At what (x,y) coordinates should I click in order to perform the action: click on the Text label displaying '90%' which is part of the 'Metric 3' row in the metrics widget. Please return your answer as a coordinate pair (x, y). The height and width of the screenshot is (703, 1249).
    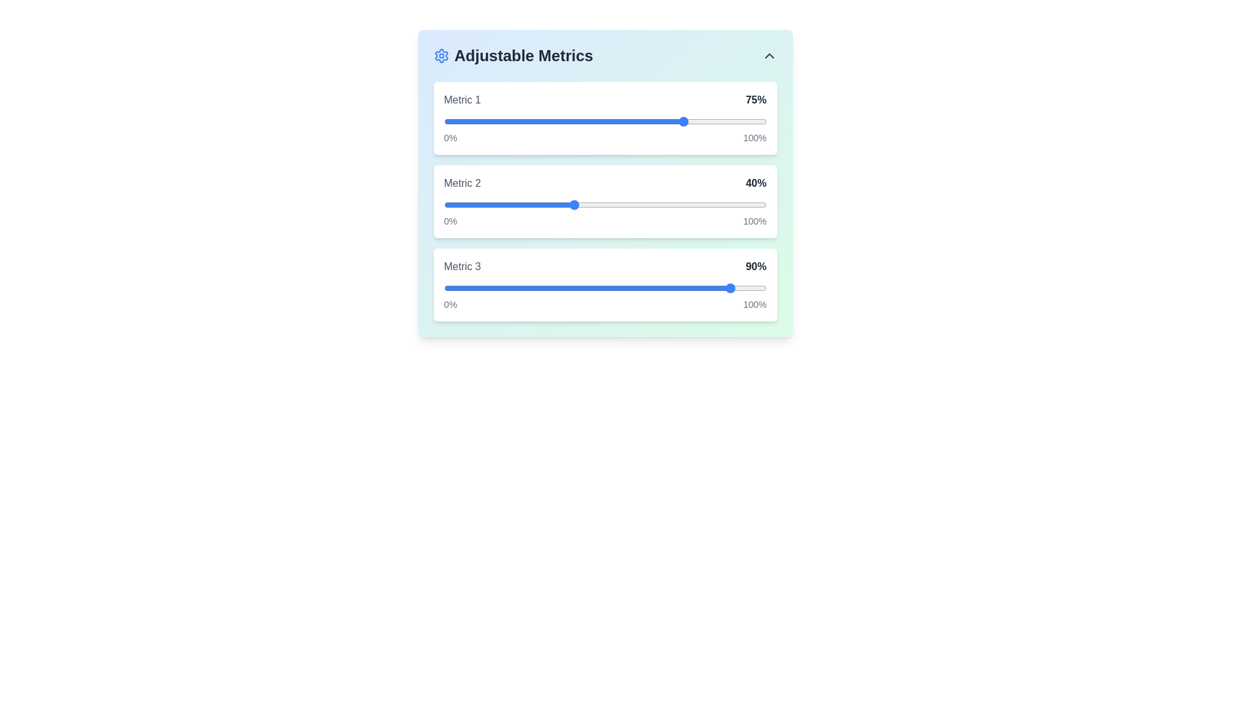
    Looking at the image, I should click on (756, 266).